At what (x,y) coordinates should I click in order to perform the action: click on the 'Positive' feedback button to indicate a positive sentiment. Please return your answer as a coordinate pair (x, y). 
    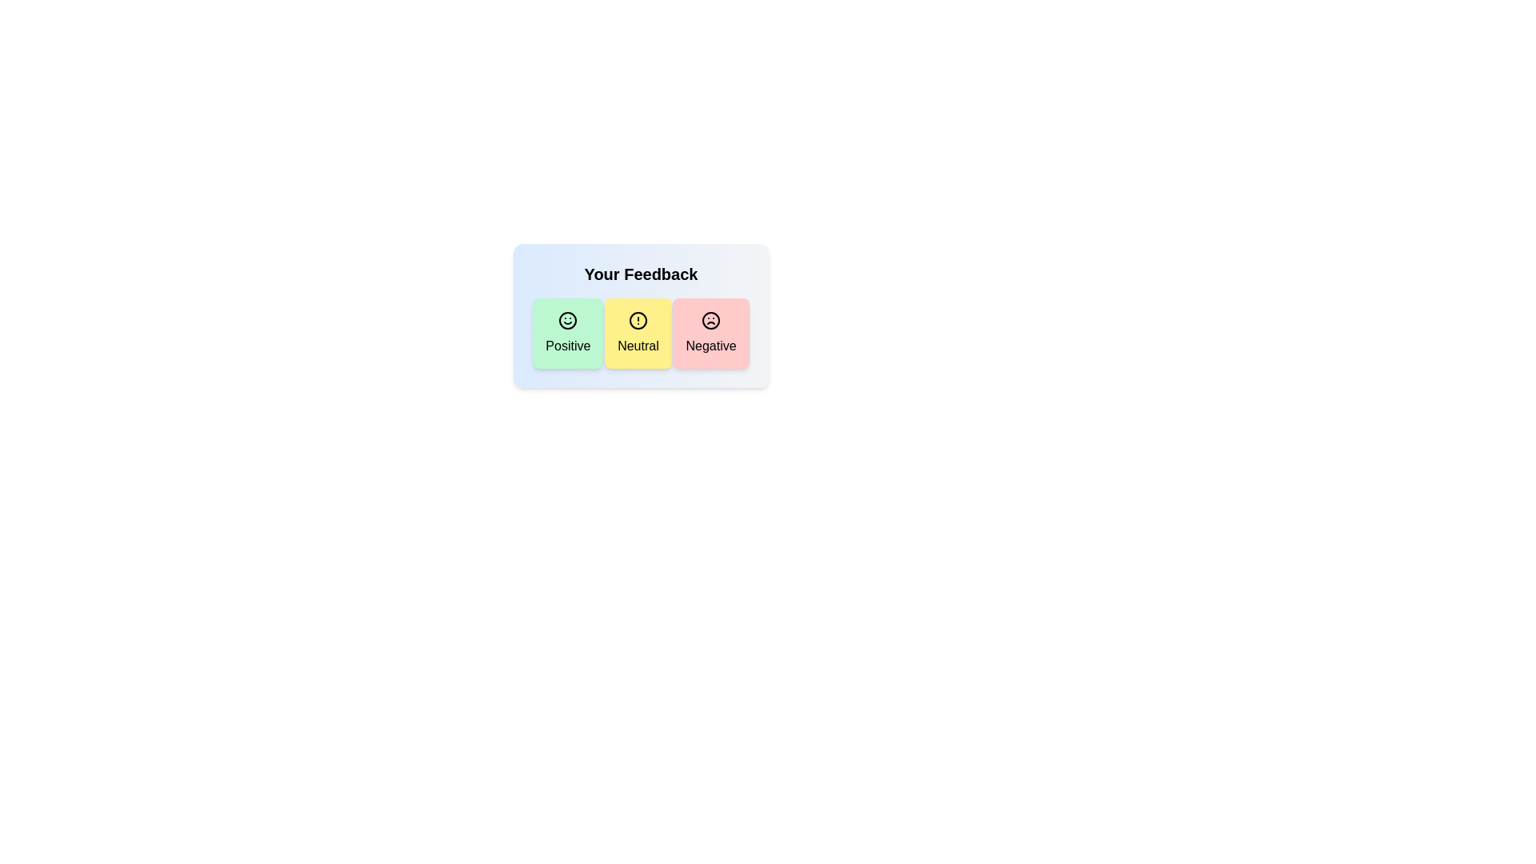
    Looking at the image, I should click on (568, 332).